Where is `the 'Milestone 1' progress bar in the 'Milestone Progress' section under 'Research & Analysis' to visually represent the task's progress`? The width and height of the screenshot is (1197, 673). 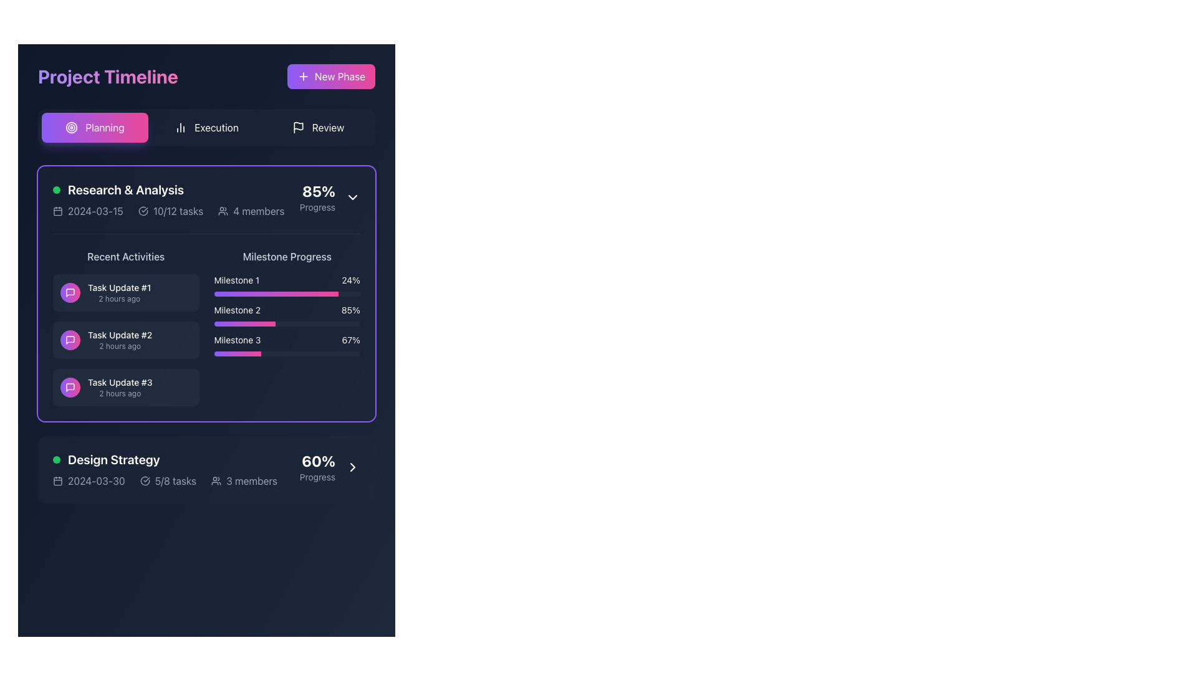 the 'Milestone 1' progress bar in the 'Milestone Progress' section under 'Research & Analysis' to visually represent the task's progress is located at coordinates (286, 285).